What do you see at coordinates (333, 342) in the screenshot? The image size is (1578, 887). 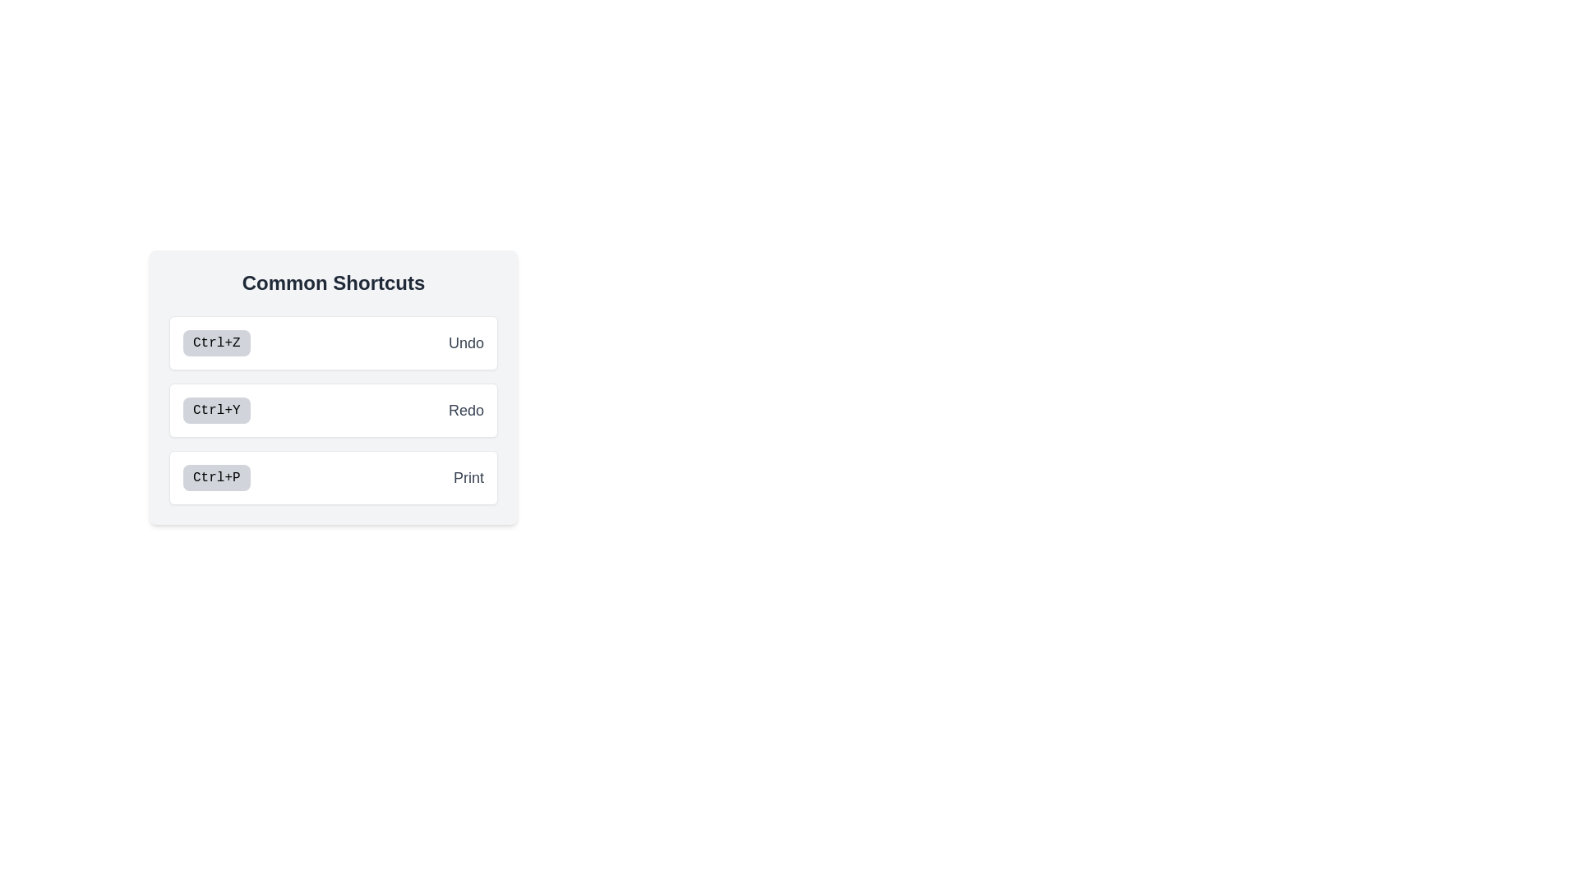 I see `the first informational display component showing the shortcut 'Ctrl+Z' with the description 'Undo', which is styled with a monospace font on the left and a standard font on the right` at bounding box center [333, 342].